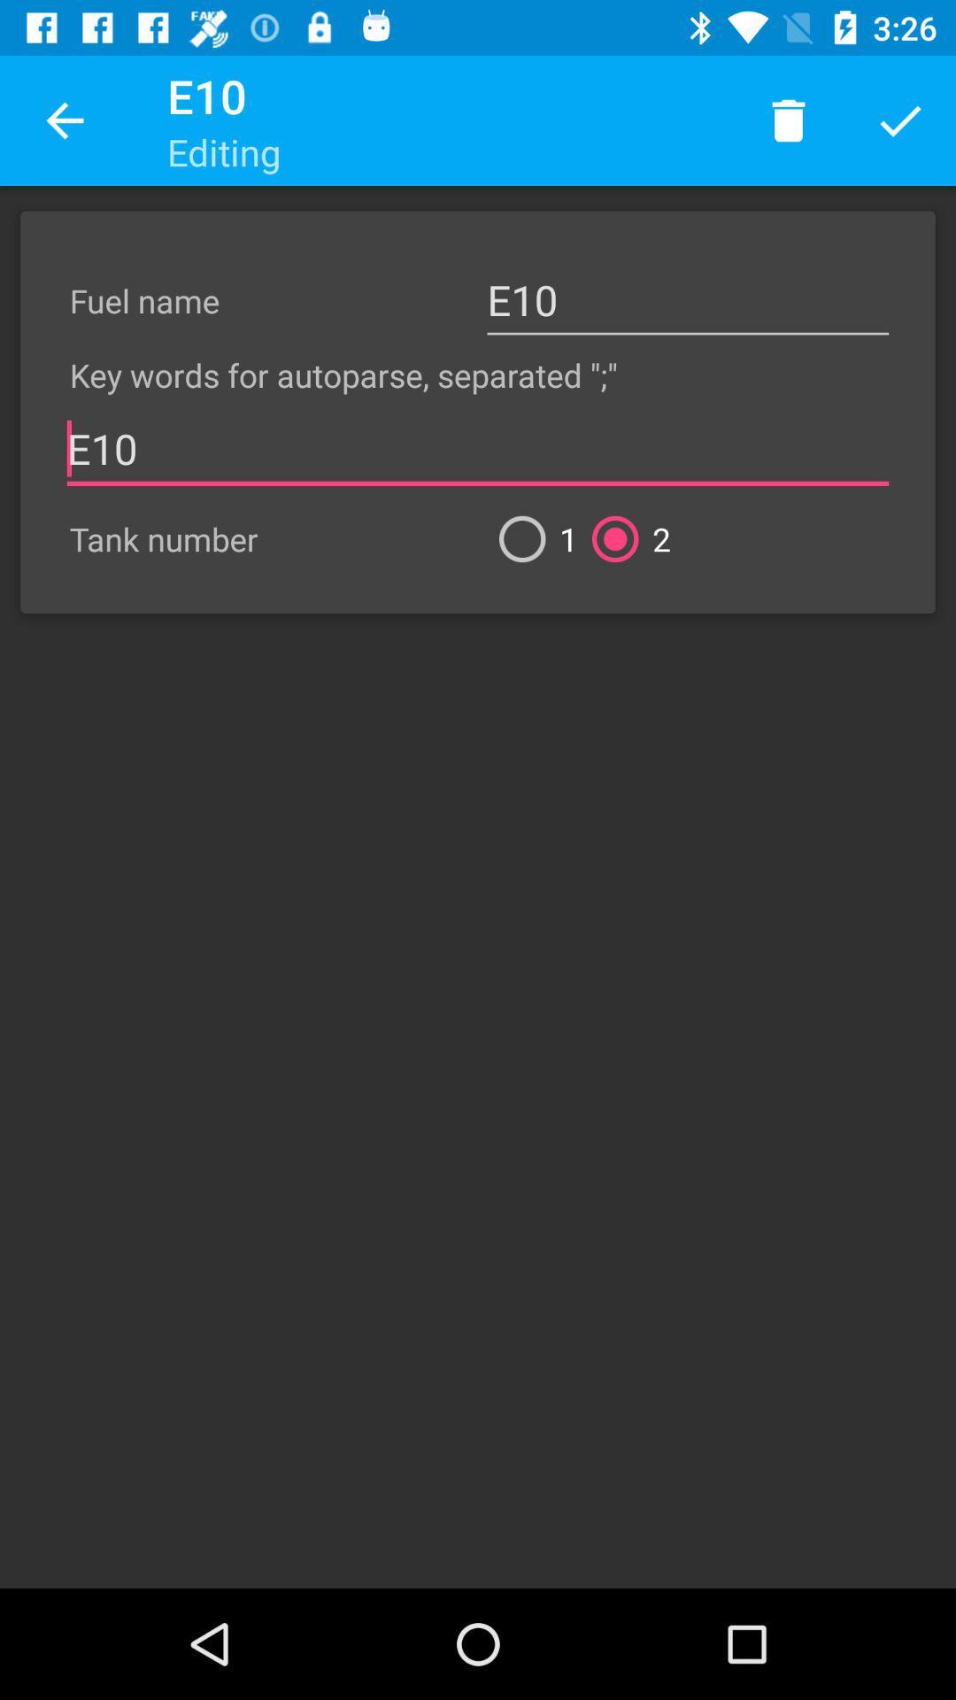  Describe the element at coordinates (623, 538) in the screenshot. I see `the icon below e10 icon` at that location.